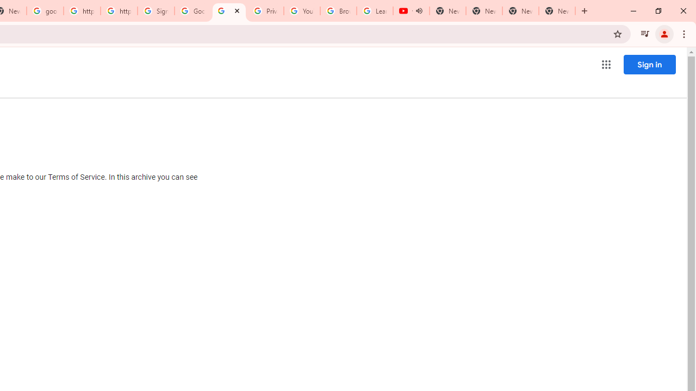 The image size is (696, 391). I want to click on 'YouTube', so click(302, 11).